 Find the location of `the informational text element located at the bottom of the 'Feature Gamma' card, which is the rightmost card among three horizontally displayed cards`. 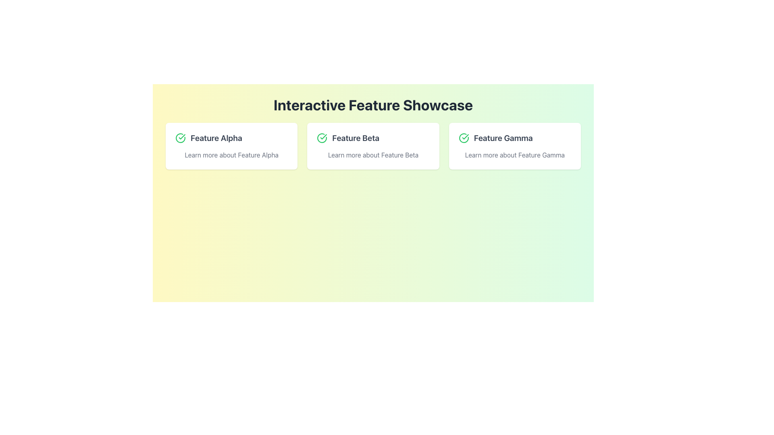

the informational text element located at the bottom of the 'Feature Gamma' card, which is the rightmost card among three horizontally displayed cards is located at coordinates (514, 155).